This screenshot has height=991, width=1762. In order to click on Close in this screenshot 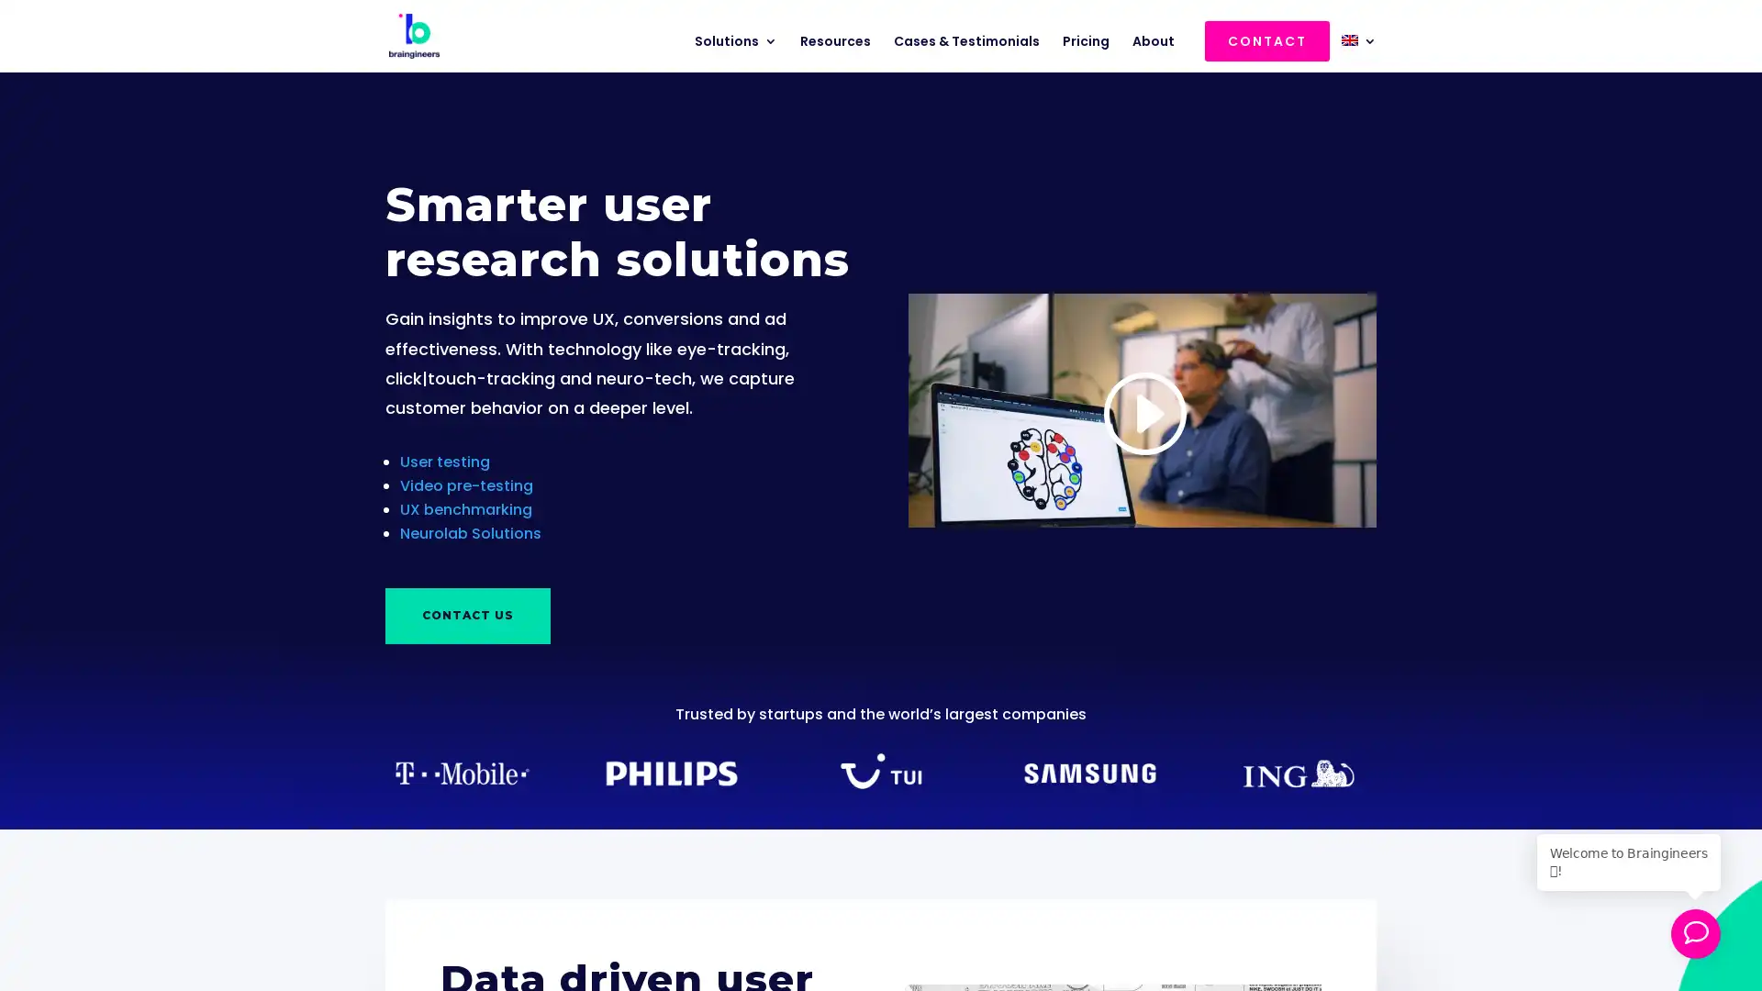, I will do `click(333, 749)`.